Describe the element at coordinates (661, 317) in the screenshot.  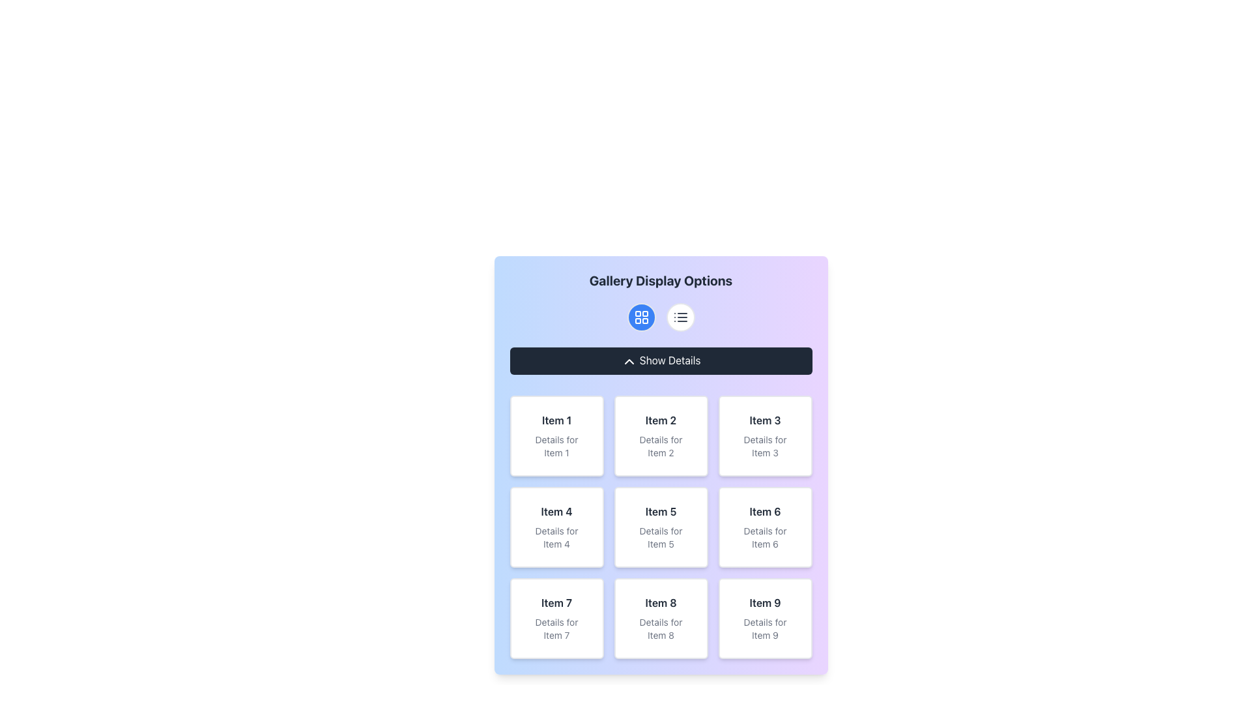
I see `the grid button in the Interactive selector located under the 'Gallery Display Options' section to switch to grid view` at that location.